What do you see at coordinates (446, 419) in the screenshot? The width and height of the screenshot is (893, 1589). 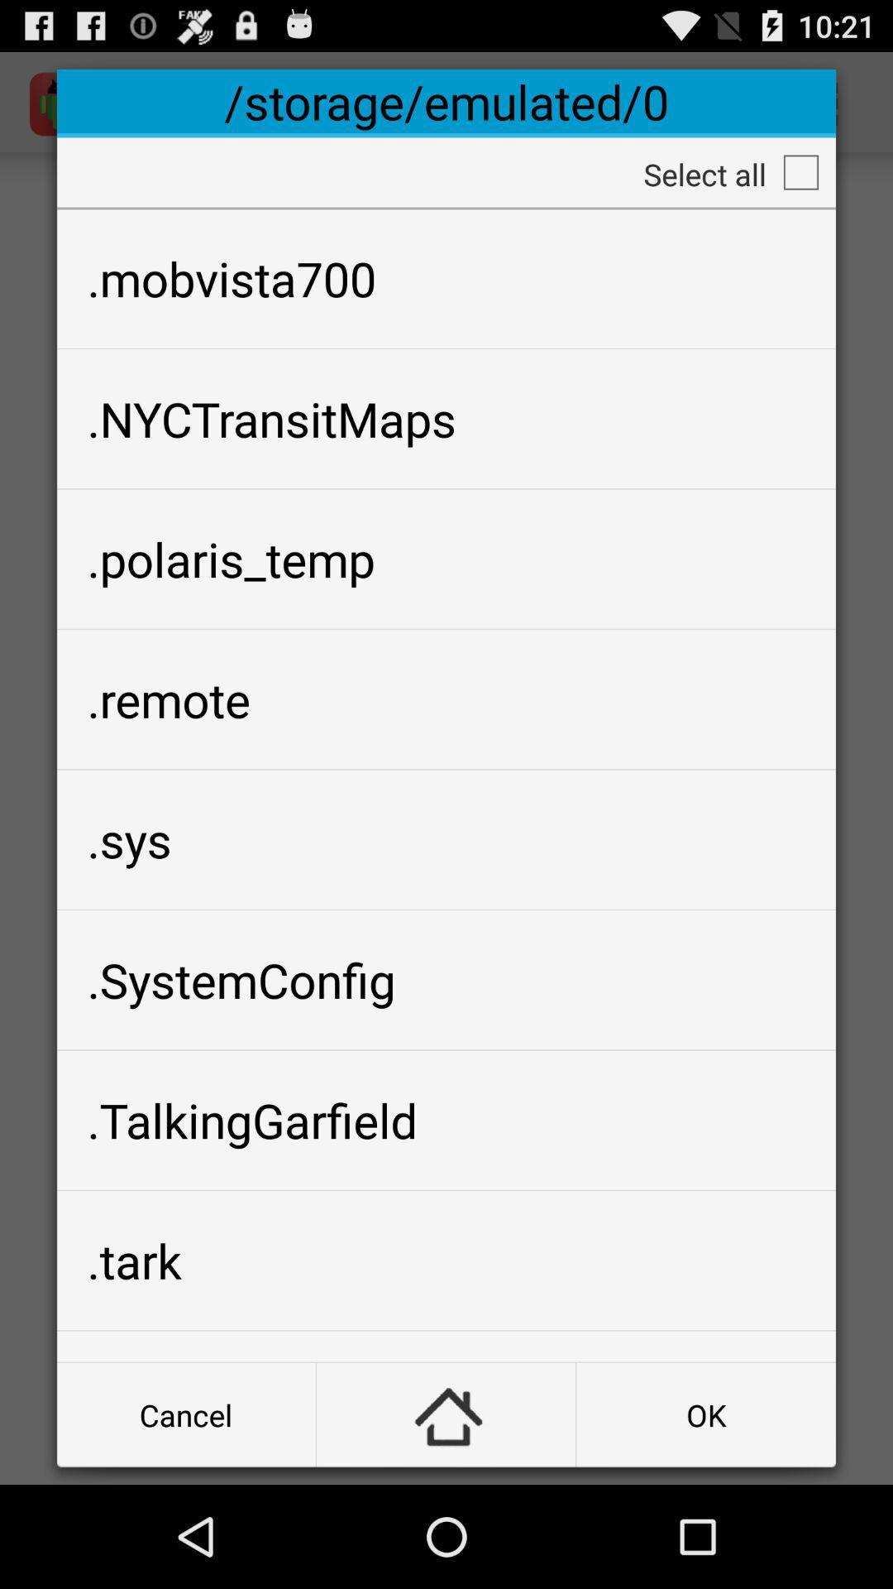 I see `the item above the .polaris_temp app` at bounding box center [446, 419].